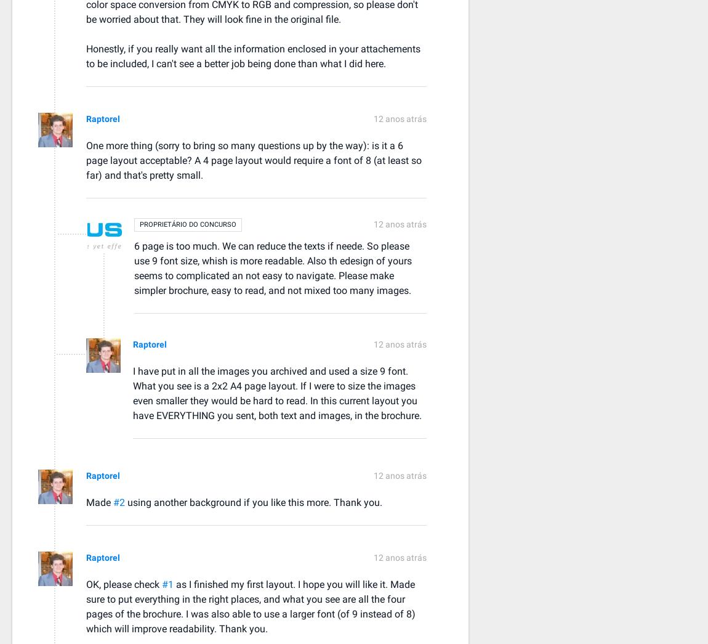 The image size is (708, 644). What do you see at coordinates (168, 583) in the screenshot?
I see `'#1'` at bounding box center [168, 583].